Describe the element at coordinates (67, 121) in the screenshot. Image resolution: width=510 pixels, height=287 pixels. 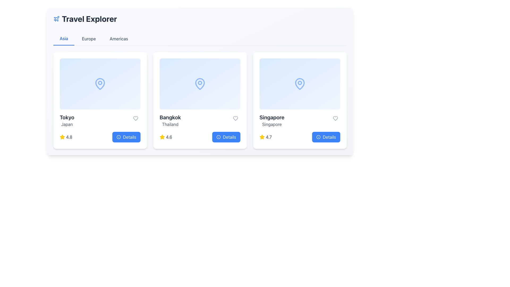
I see `the informational text displaying the name and country of a travel destination located in the first card under the 'Asia' tab in the 'Travel Explorer' section` at that location.